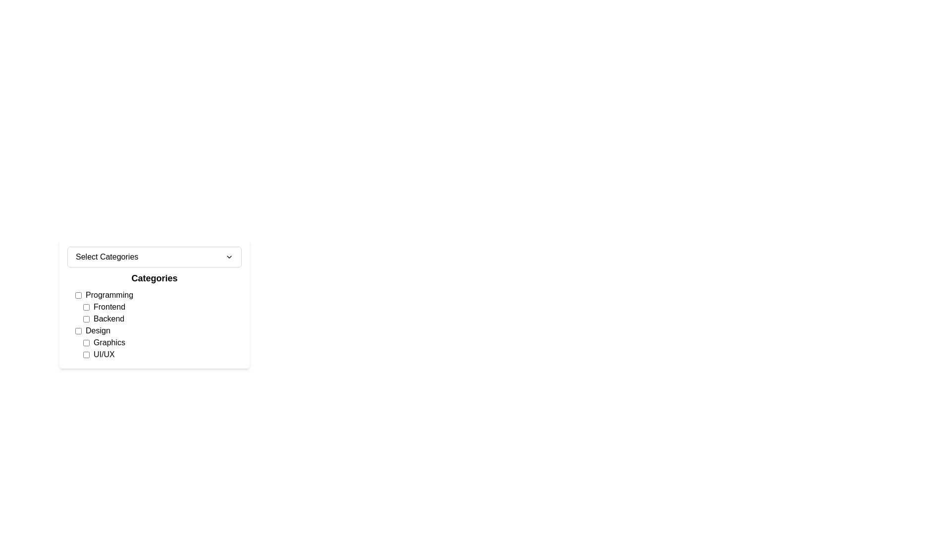 This screenshot has height=535, width=951. Describe the element at coordinates (78, 295) in the screenshot. I see `the first checkbox in the vertical list of selectable categories` at that location.